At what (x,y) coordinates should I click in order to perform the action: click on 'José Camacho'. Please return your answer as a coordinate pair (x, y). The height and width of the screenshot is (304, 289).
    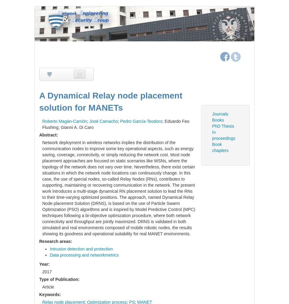
    Looking at the image, I should click on (103, 121).